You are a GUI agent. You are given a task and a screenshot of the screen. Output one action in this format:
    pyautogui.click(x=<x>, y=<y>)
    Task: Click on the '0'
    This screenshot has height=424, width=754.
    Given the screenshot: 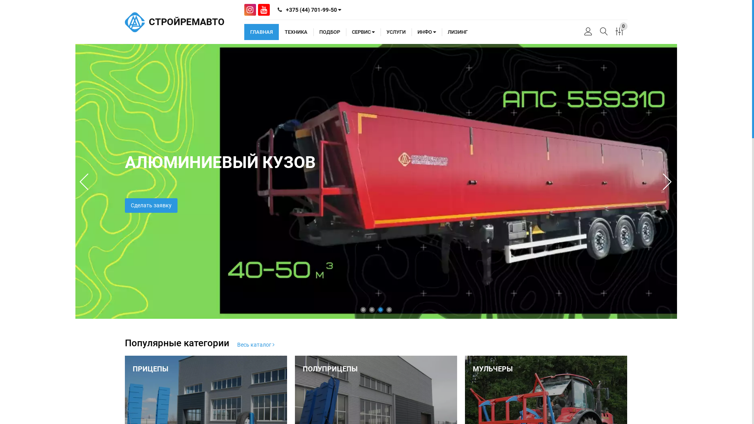 What is the action you would take?
    pyautogui.click(x=619, y=31)
    